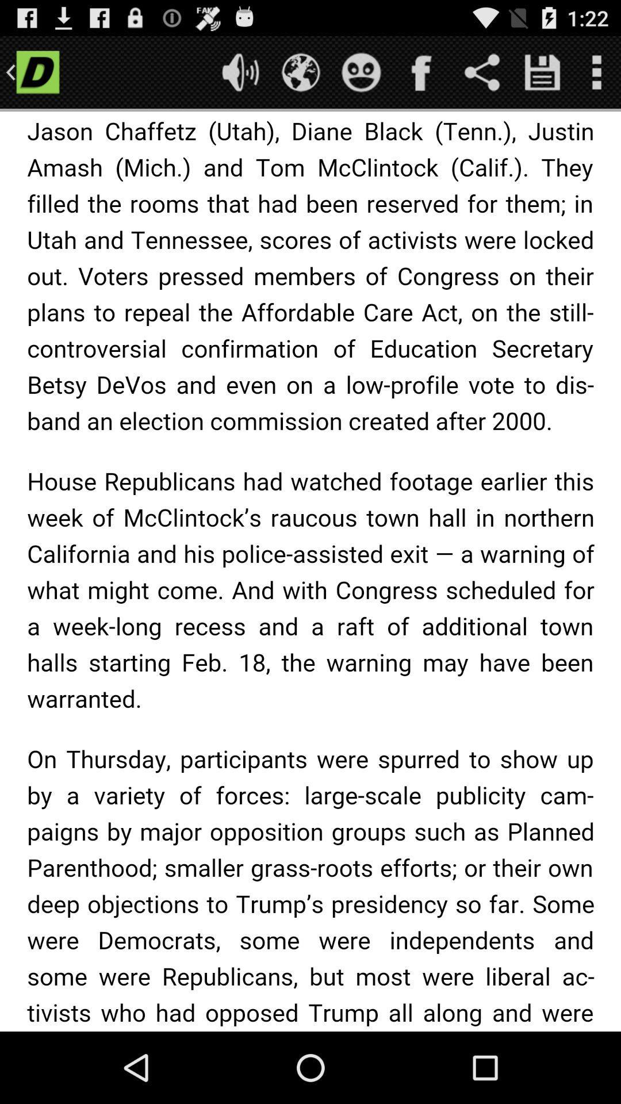  Describe the element at coordinates (240, 76) in the screenshot. I see `the volume icon` at that location.